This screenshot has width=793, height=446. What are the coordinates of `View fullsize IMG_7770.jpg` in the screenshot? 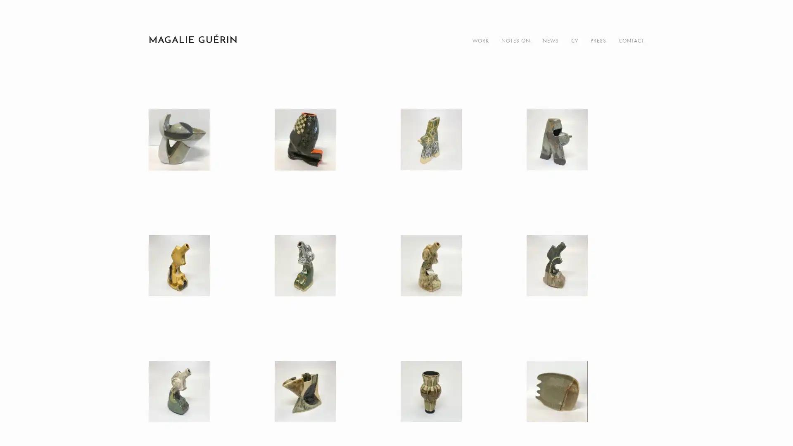 It's located at (585, 167).